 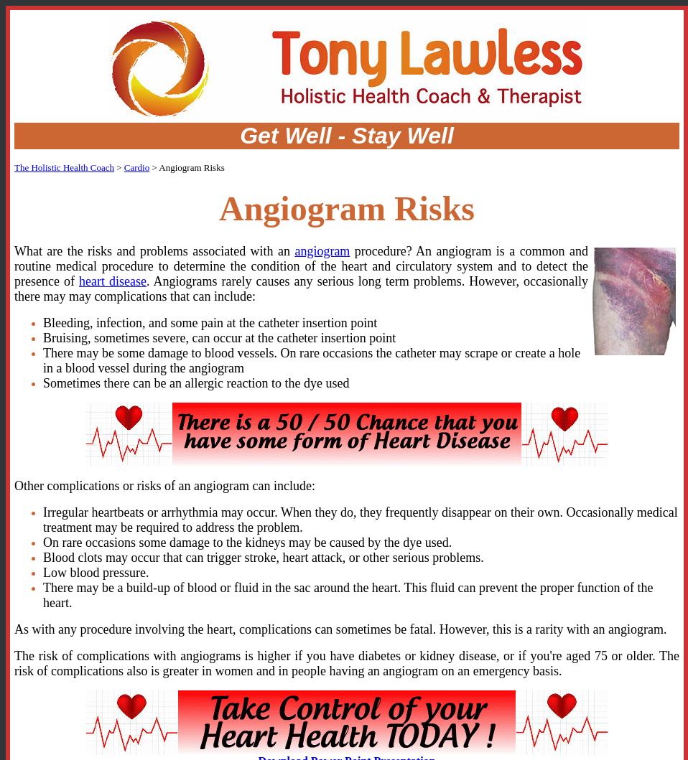 What do you see at coordinates (14, 629) in the screenshot?
I see `'As with 
        any procedure involving the heart, complications can sometimes be fatal. 
        However, this is a rarity with an angiogram.'` at bounding box center [14, 629].